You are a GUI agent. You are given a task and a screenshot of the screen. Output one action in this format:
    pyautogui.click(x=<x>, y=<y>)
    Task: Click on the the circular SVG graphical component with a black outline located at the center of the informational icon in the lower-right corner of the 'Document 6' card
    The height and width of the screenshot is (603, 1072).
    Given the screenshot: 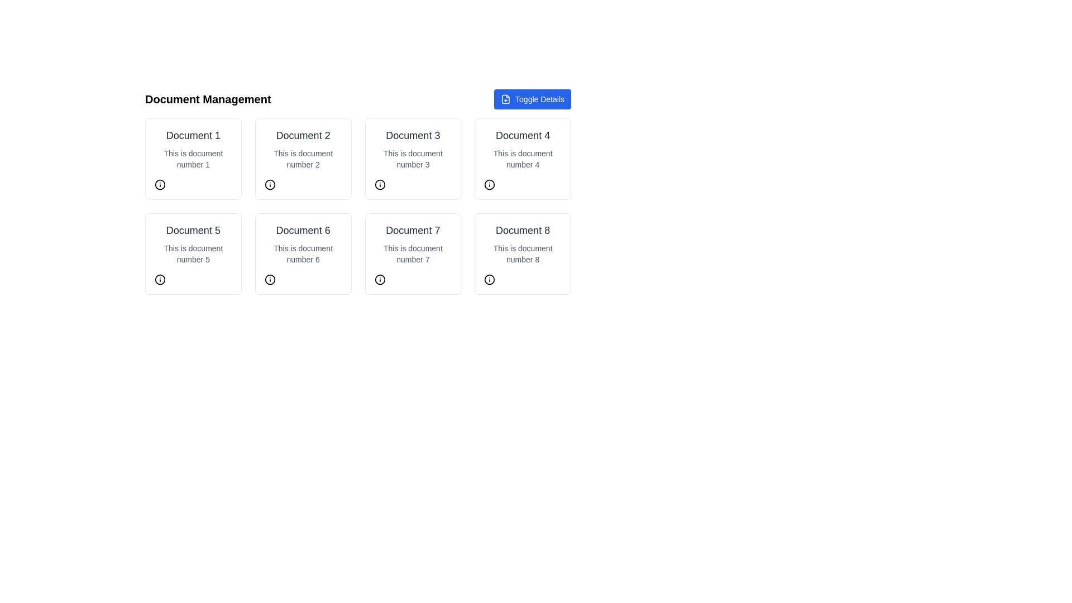 What is the action you would take?
    pyautogui.click(x=270, y=279)
    